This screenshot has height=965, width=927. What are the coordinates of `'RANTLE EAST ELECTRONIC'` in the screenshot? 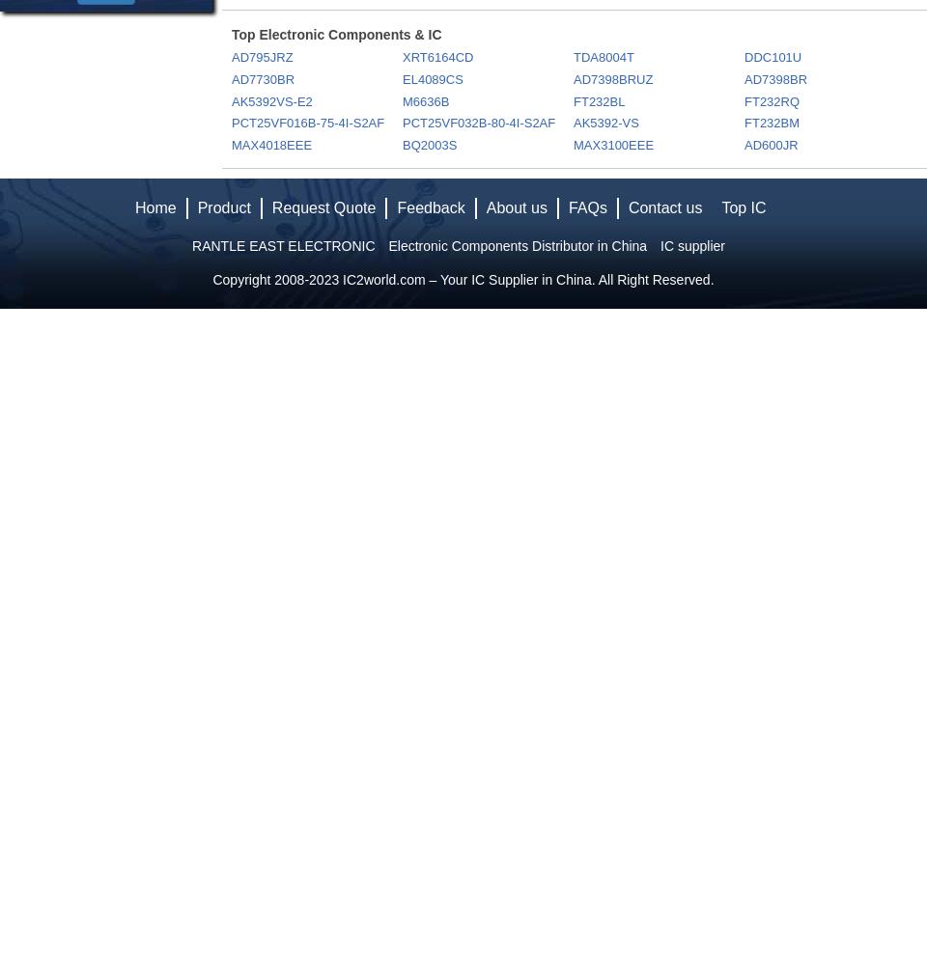 It's located at (282, 246).